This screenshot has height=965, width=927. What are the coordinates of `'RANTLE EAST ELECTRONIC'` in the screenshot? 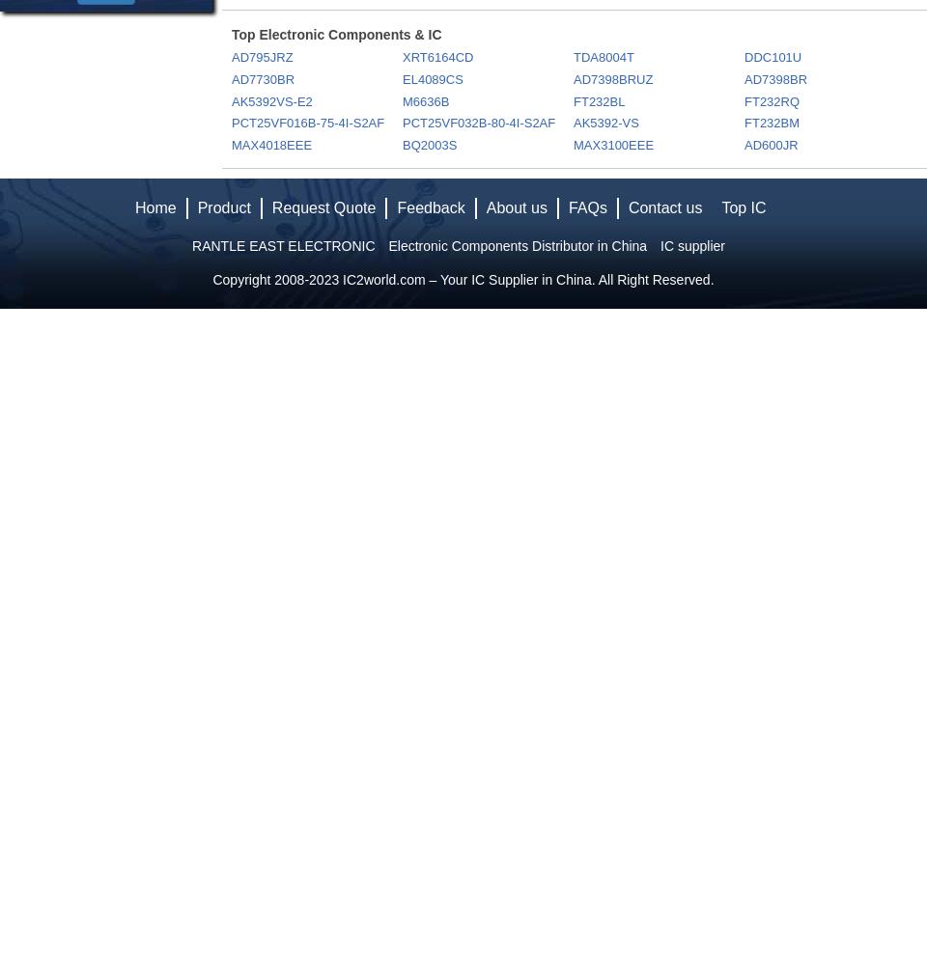 It's located at (282, 246).